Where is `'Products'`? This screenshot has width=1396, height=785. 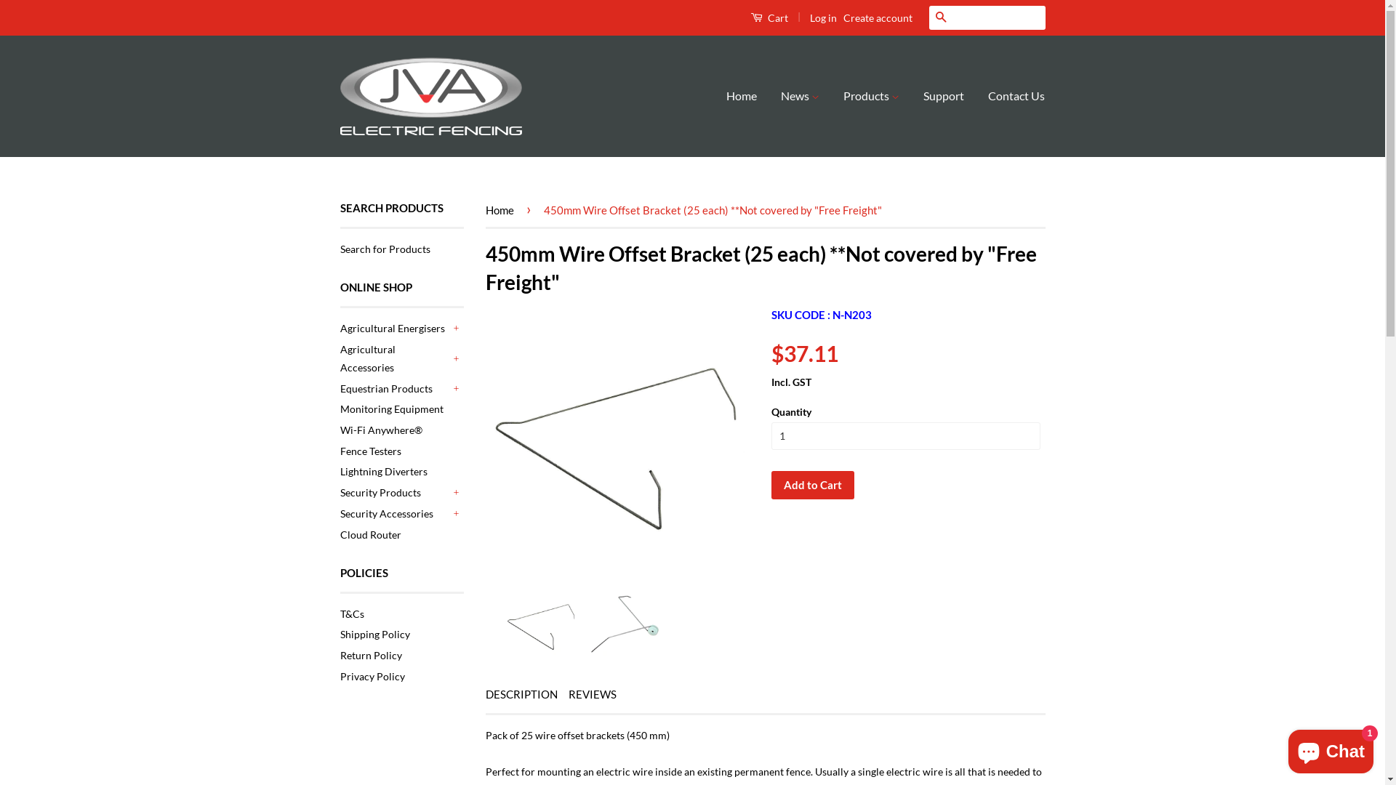 'Products' is located at coordinates (871, 96).